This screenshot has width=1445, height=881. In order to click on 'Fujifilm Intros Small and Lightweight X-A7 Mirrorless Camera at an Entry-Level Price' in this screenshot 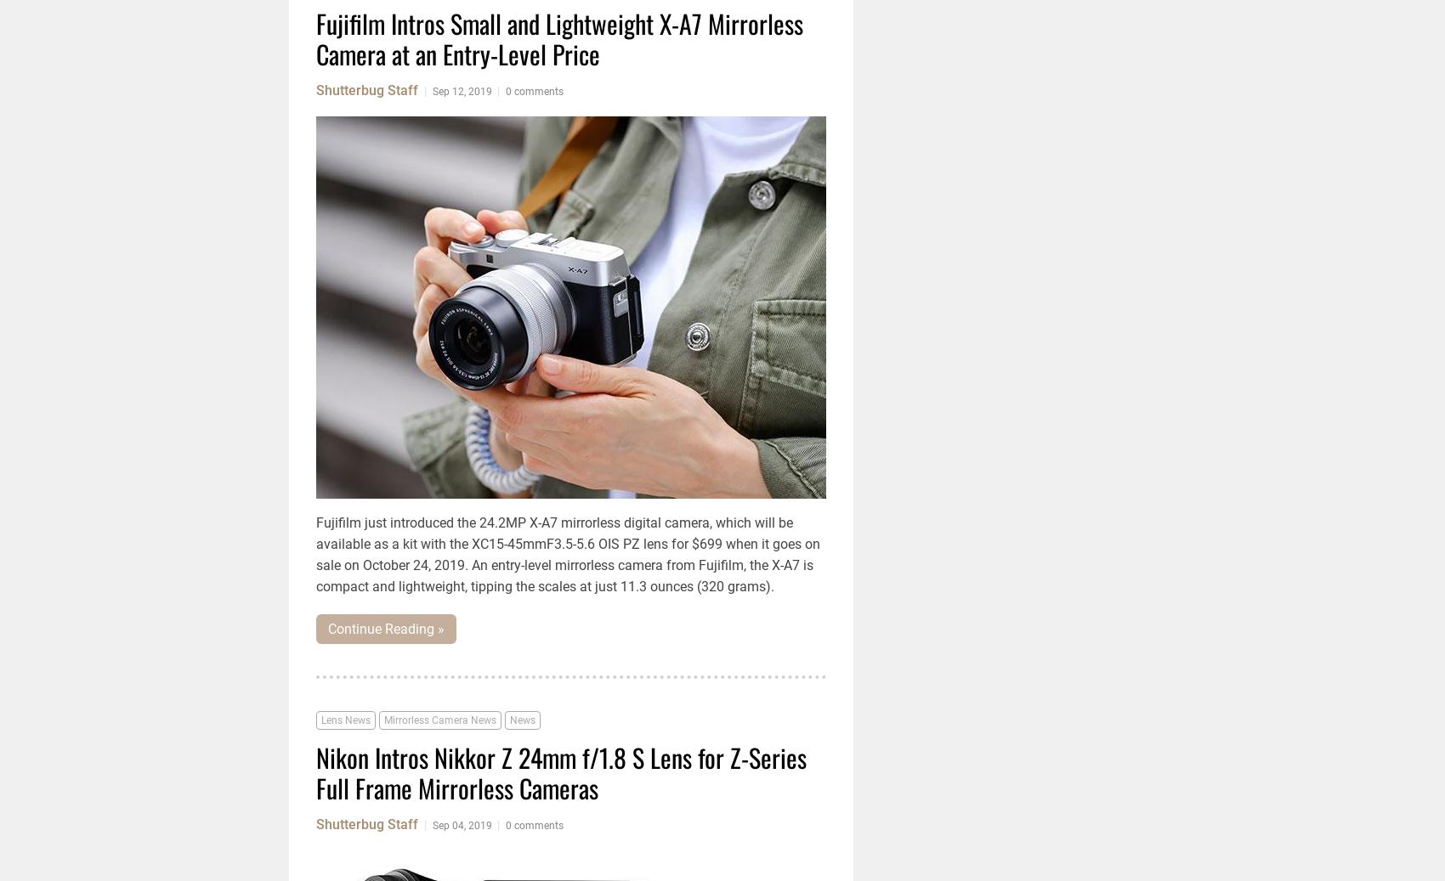, I will do `click(314, 37)`.